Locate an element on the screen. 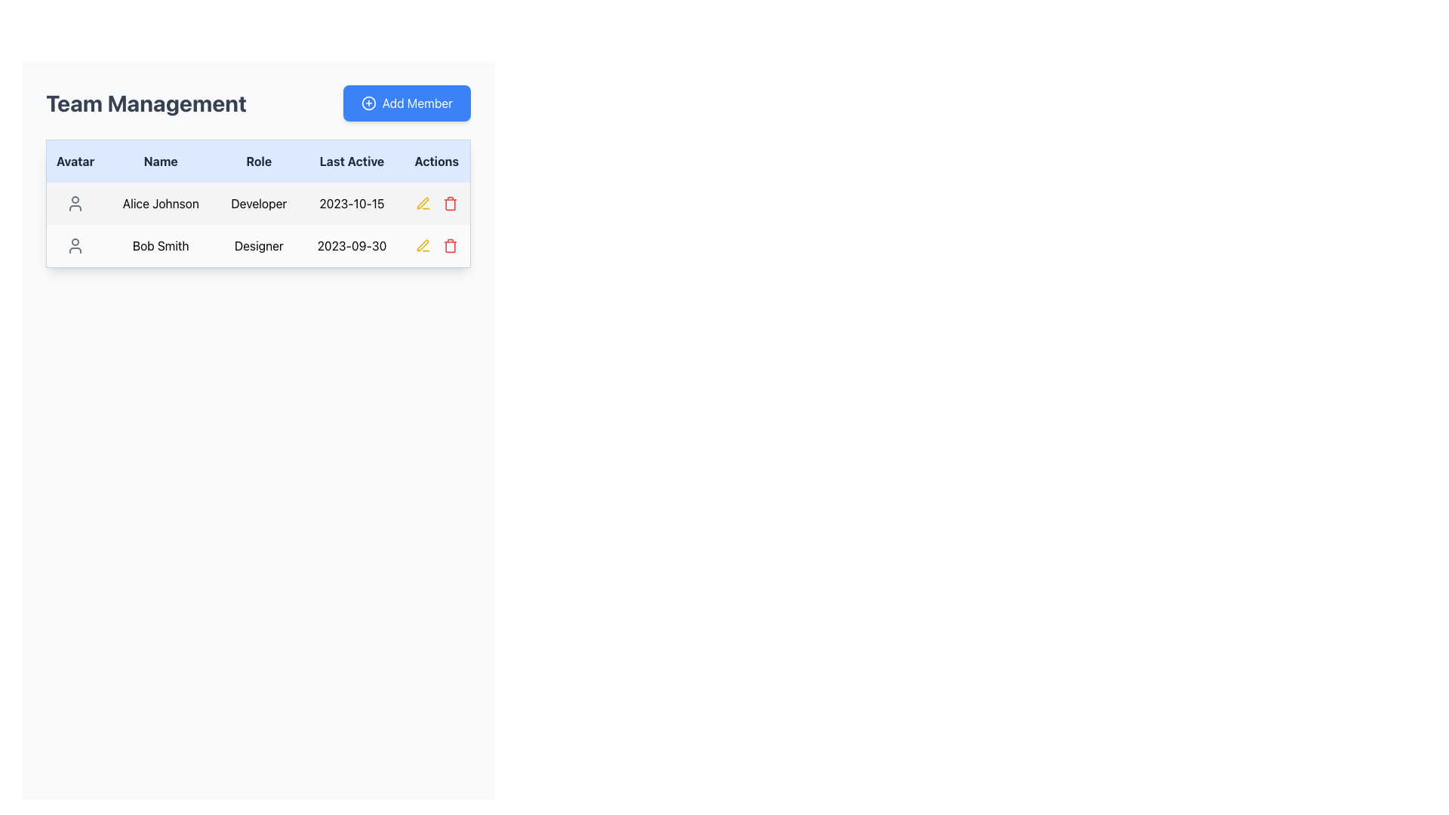 This screenshot has height=815, width=1449. the first row in the user details table containing the name 'Alice Johnson' is located at coordinates (258, 204).